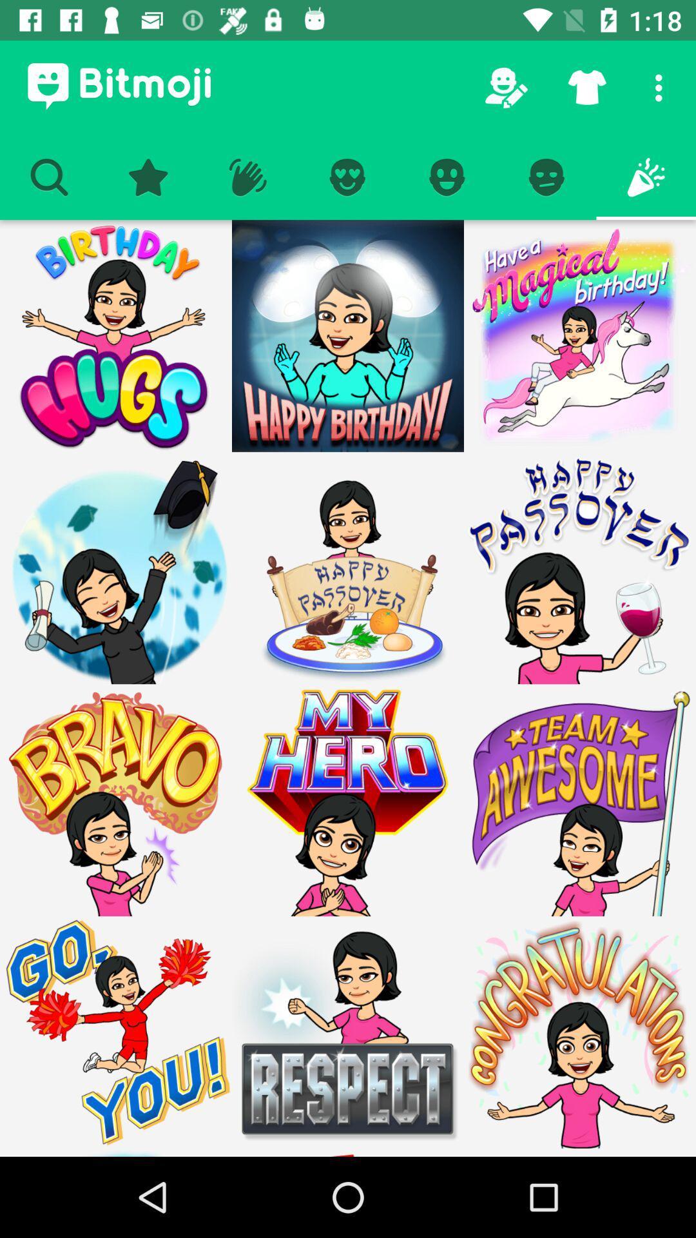  Describe the element at coordinates (348, 336) in the screenshot. I see `the more images` at that location.